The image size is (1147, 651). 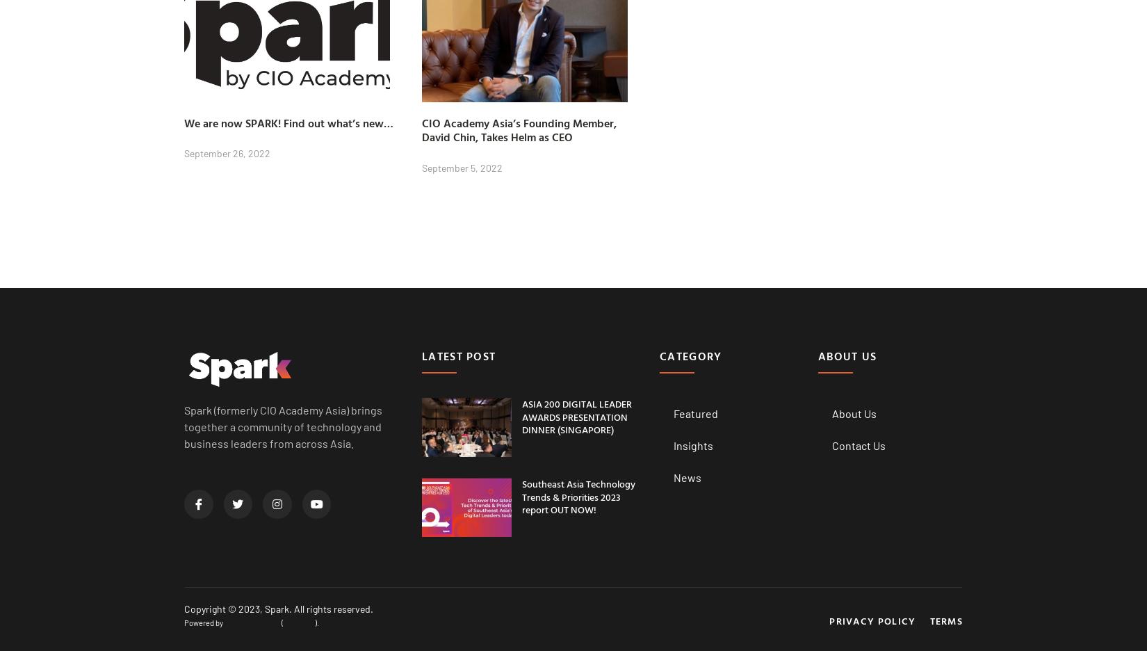 I want to click on ').', so click(x=316, y=621).